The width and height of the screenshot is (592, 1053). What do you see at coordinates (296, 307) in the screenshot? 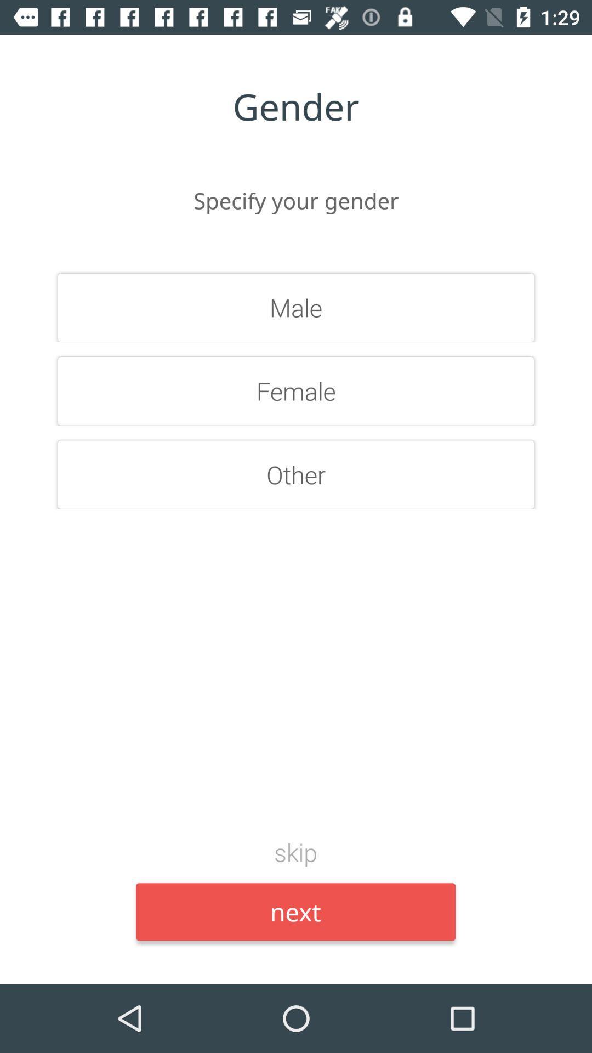
I see `male icon` at bounding box center [296, 307].